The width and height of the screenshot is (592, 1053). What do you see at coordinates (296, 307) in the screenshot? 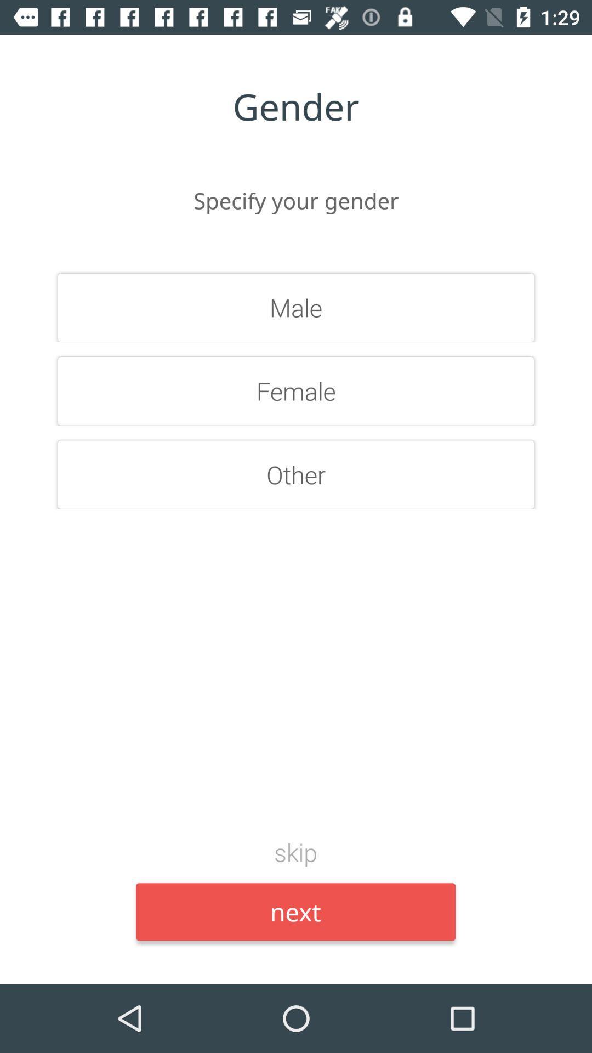
I see `male icon` at bounding box center [296, 307].